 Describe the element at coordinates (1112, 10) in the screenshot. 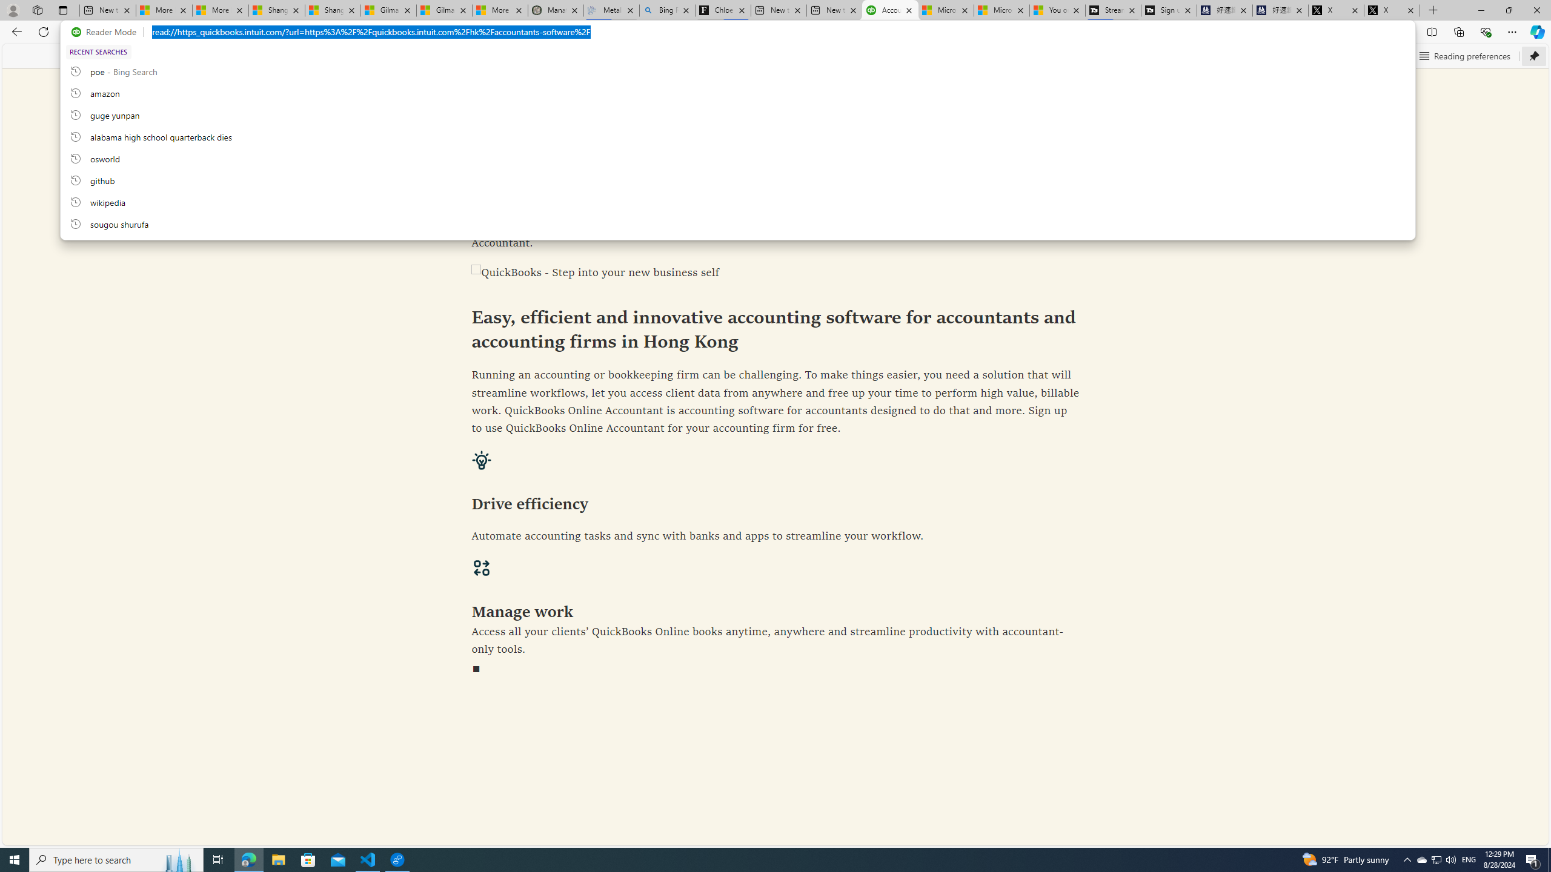

I see `'Streaming Coverage | T3'` at that location.